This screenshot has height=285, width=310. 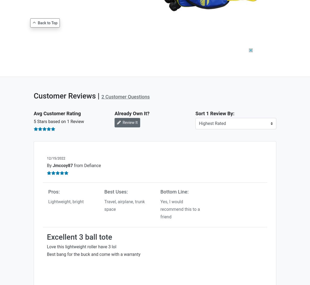 I want to click on 'Review', so click(x=76, y=121).